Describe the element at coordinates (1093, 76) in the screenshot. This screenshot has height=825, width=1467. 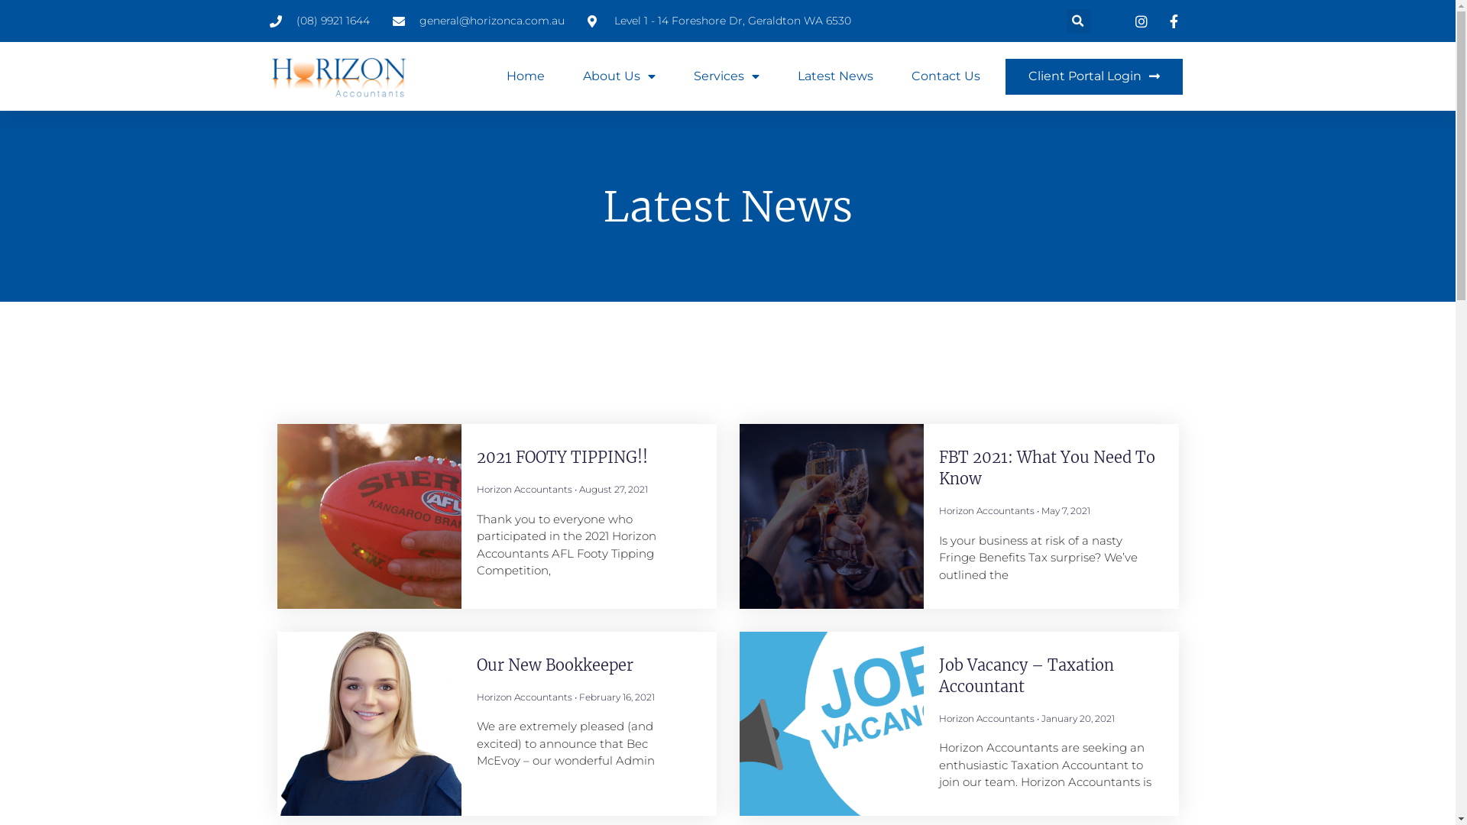
I see `'Client Portal Login'` at that location.